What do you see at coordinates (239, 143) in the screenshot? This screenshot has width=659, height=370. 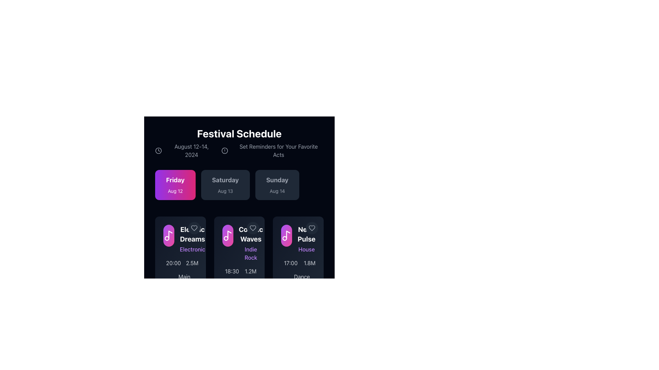 I see `the Header section containing the bolded text 'Festival Schedule' and additional details like 'August 12-14, 2024' and 'Set Reminders for Your Favorite Acts'` at bounding box center [239, 143].